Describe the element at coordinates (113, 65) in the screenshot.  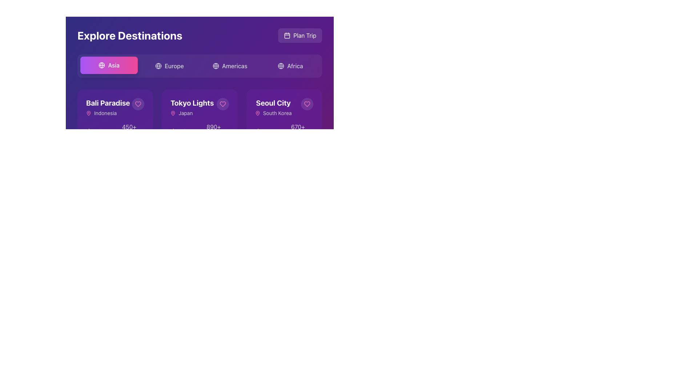
I see `text label displaying 'Asia' inside the interactive button with a gradient background` at that location.